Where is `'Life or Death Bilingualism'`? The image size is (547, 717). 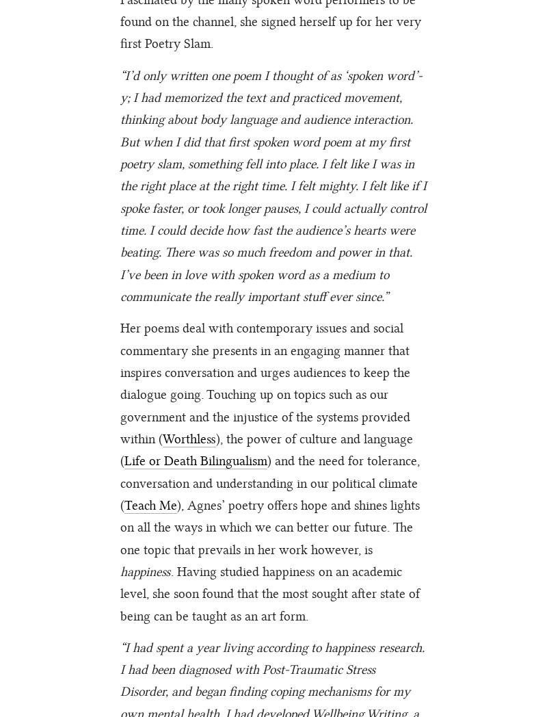
'Life or Death Bilingualism' is located at coordinates (196, 460).